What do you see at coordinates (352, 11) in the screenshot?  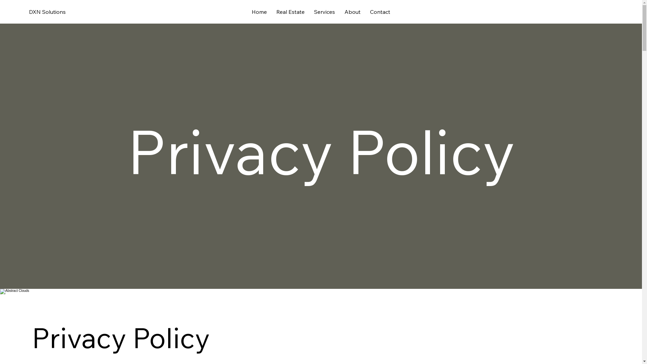 I see `'About'` at bounding box center [352, 11].